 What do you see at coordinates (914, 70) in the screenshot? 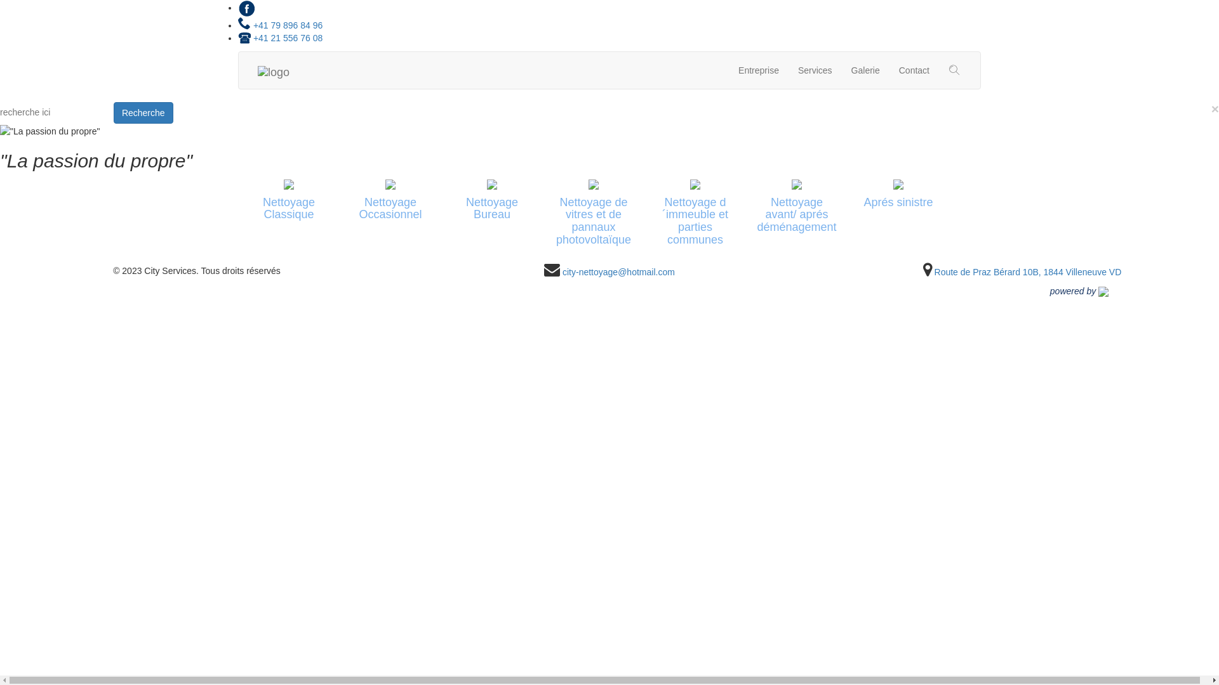
I see `'Contact'` at bounding box center [914, 70].